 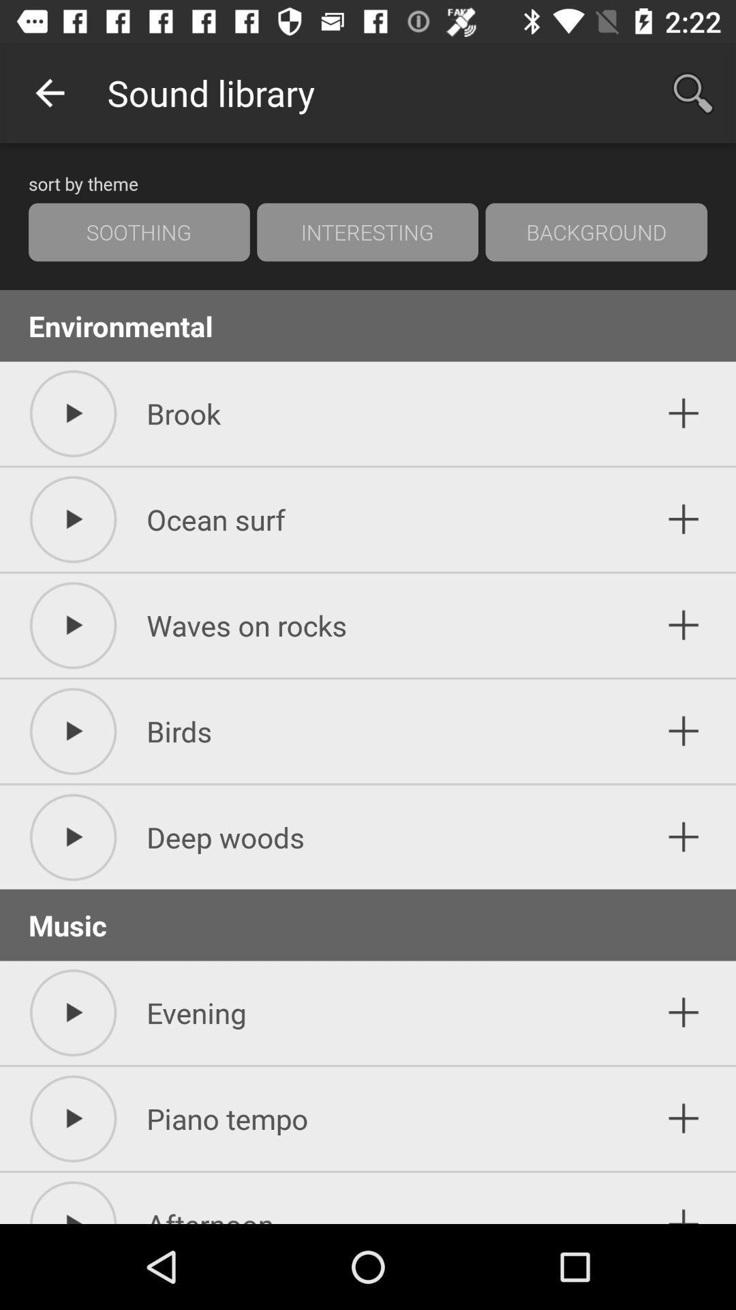 What do you see at coordinates (684, 836) in the screenshot?
I see `song to playlist` at bounding box center [684, 836].